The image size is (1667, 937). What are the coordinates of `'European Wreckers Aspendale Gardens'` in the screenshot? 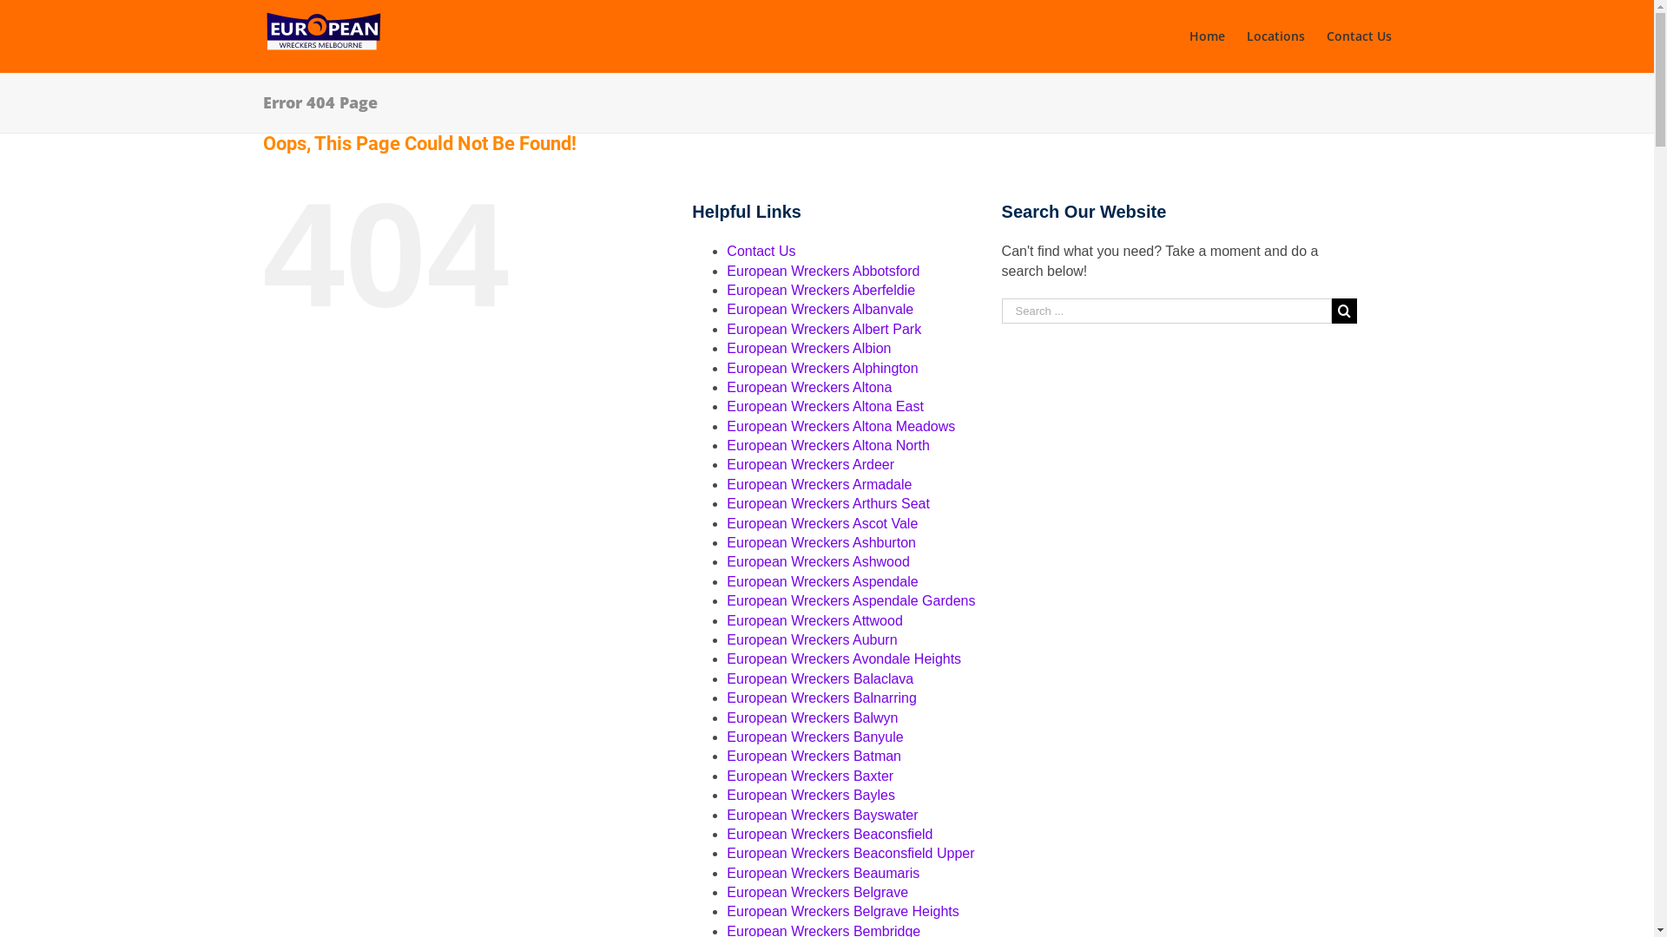 It's located at (850, 600).